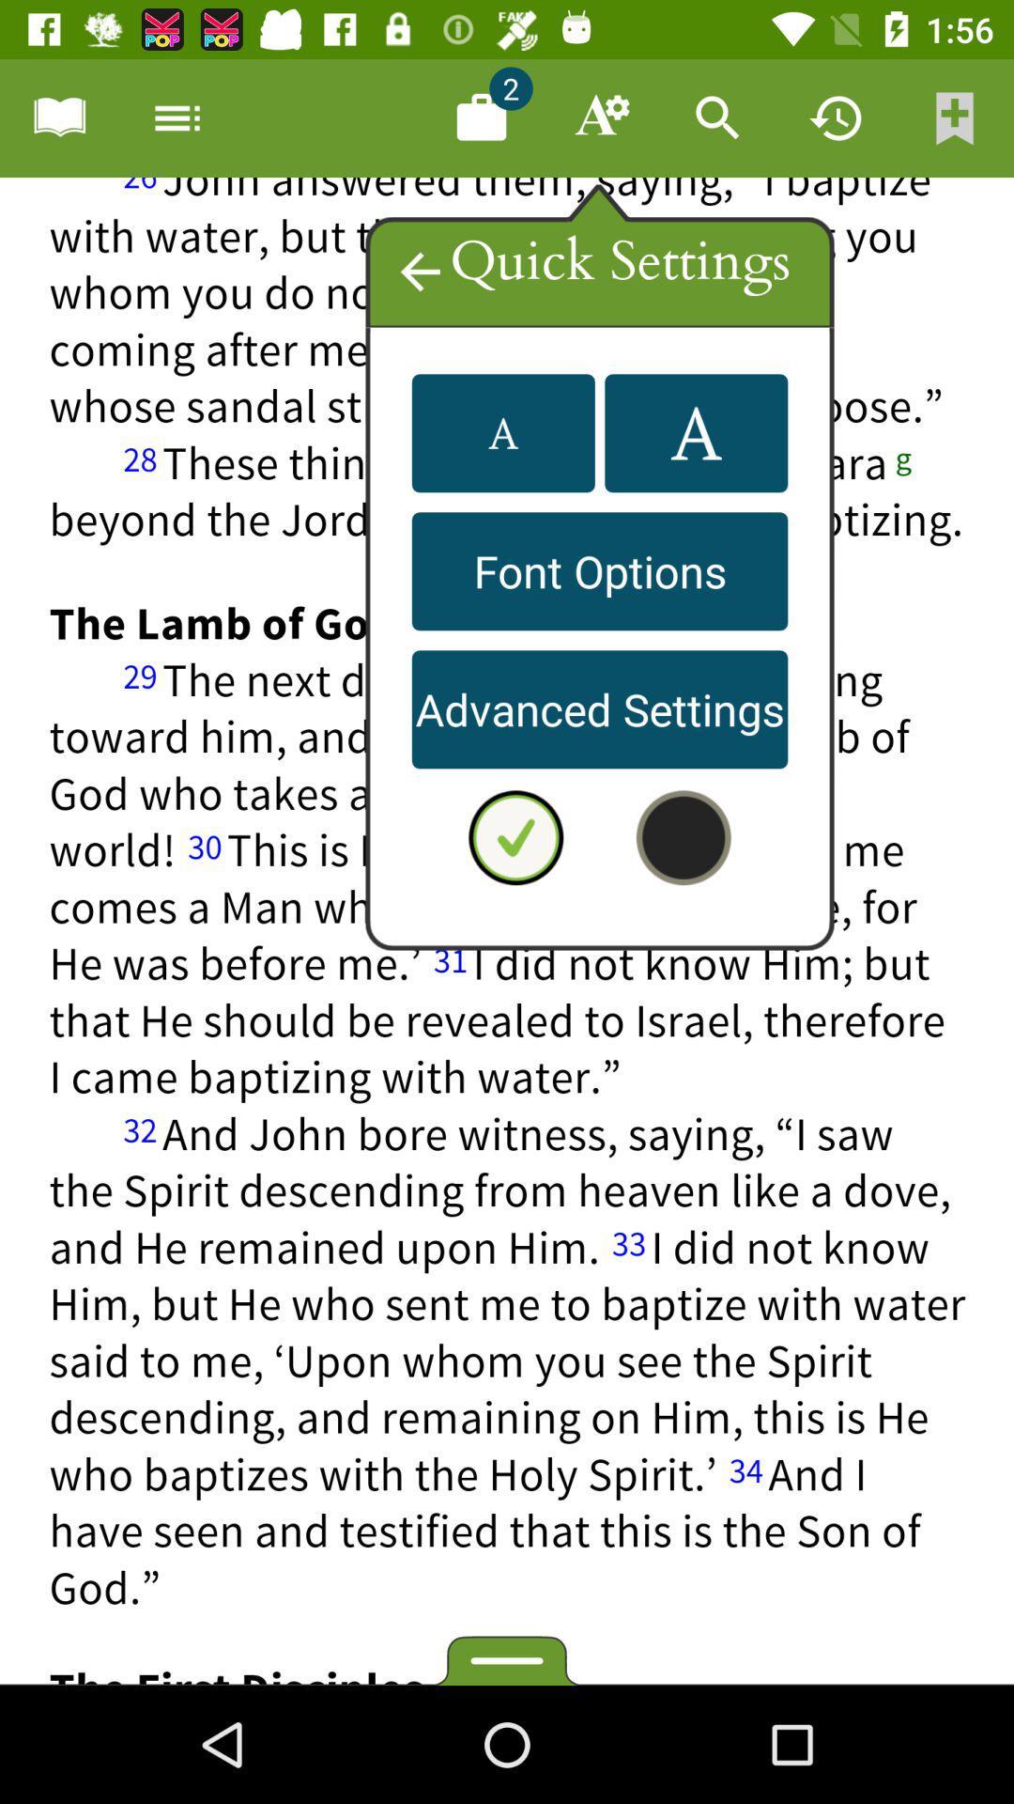  Describe the element at coordinates (696, 432) in the screenshot. I see `the font icon` at that location.